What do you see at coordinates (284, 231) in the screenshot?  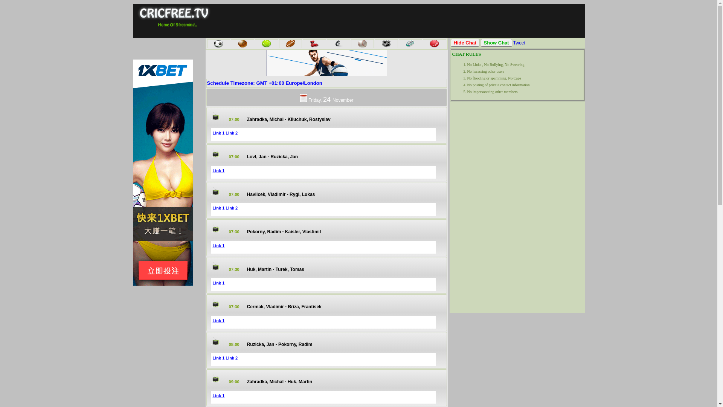 I see `'Pokorny, Radim - Kaisler, Vlastimil'` at bounding box center [284, 231].